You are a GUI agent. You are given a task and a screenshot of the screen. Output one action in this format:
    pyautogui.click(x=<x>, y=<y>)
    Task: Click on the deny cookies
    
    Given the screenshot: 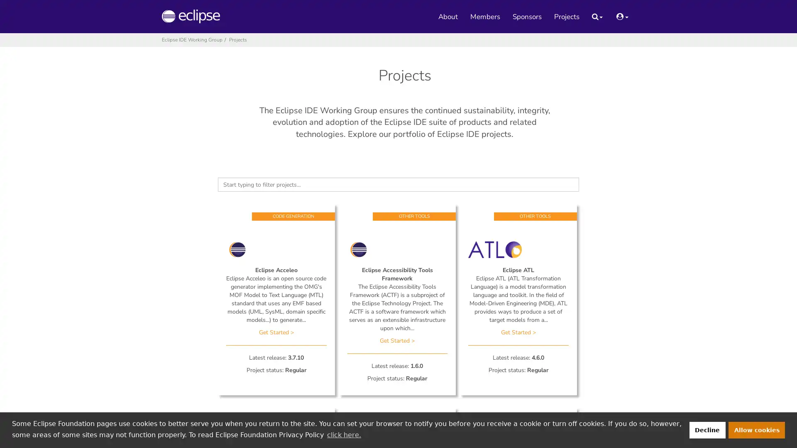 What is the action you would take?
    pyautogui.click(x=707, y=429)
    